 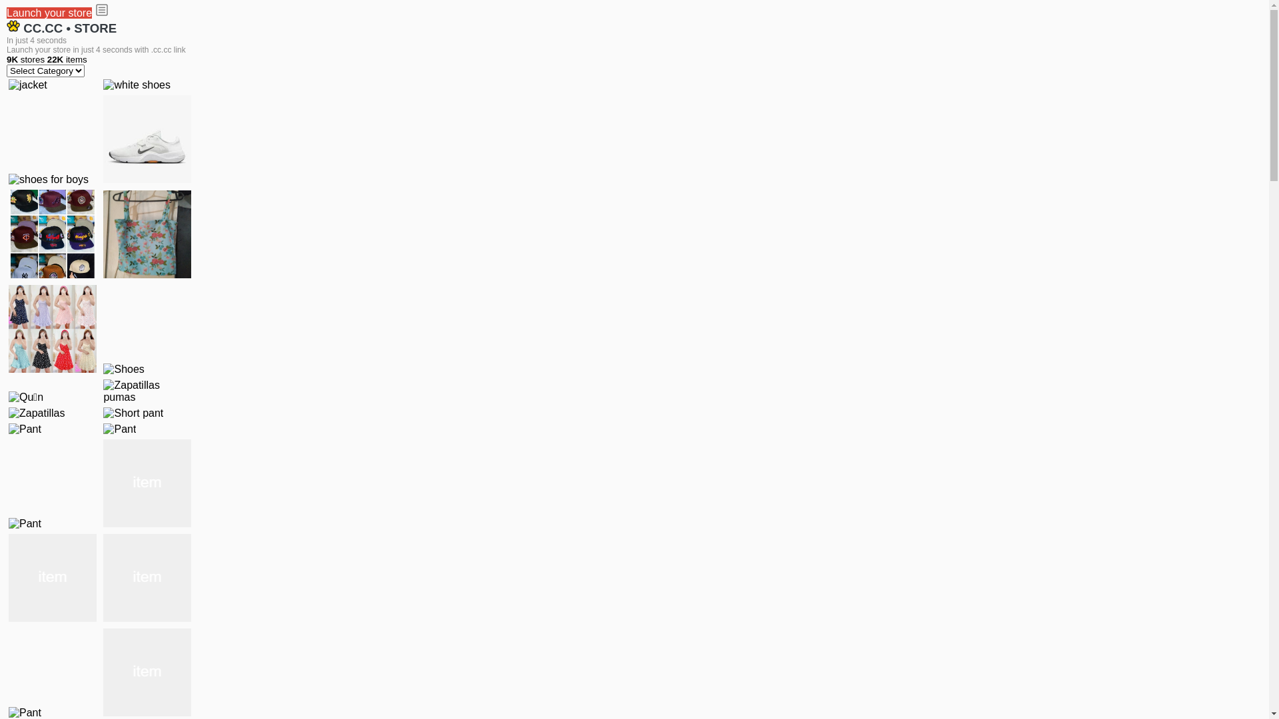 What do you see at coordinates (25, 523) in the screenshot?
I see `'Pant'` at bounding box center [25, 523].